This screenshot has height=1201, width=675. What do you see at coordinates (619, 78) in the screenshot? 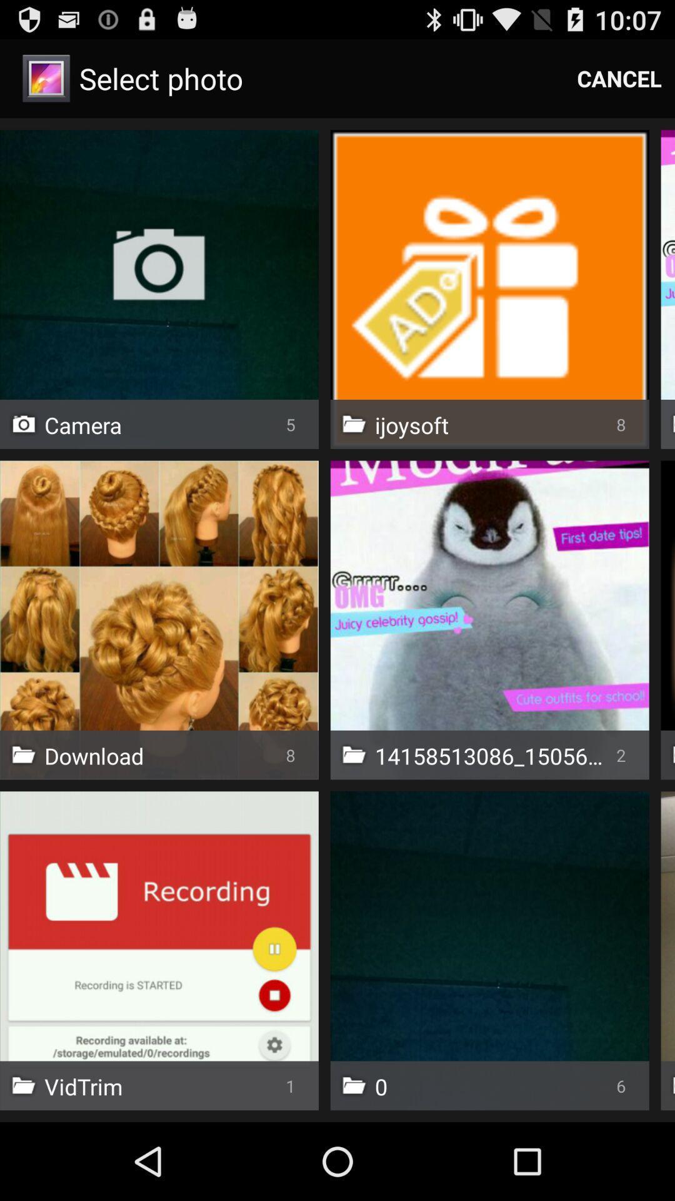
I see `cancel item` at bounding box center [619, 78].